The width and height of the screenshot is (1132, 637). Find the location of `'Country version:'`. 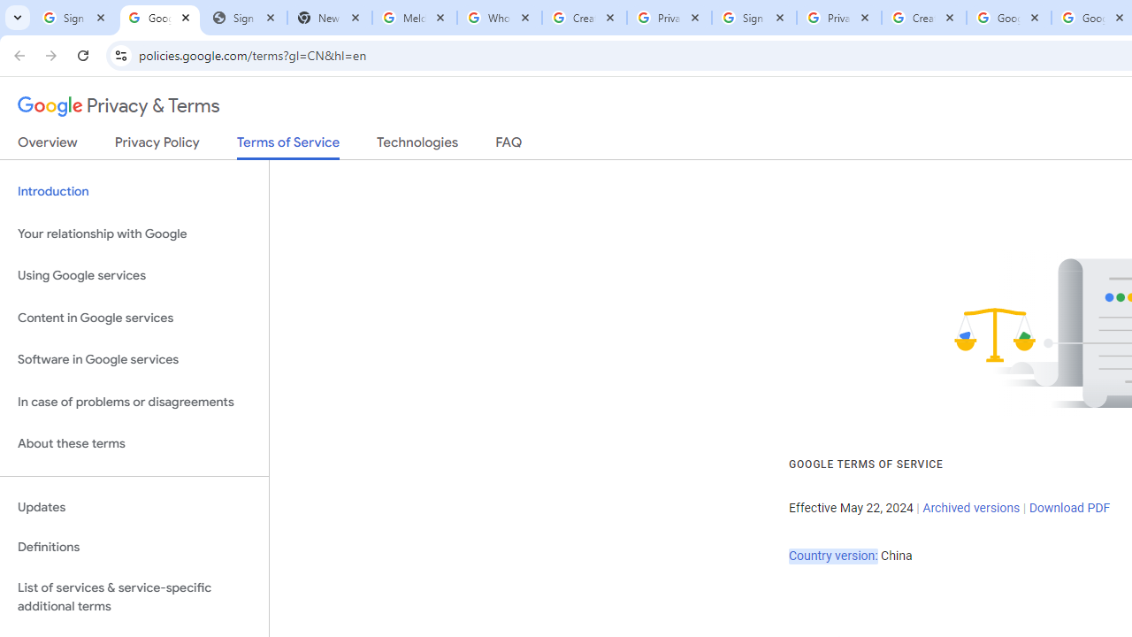

'Country version:' is located at coordinates (832, 555).